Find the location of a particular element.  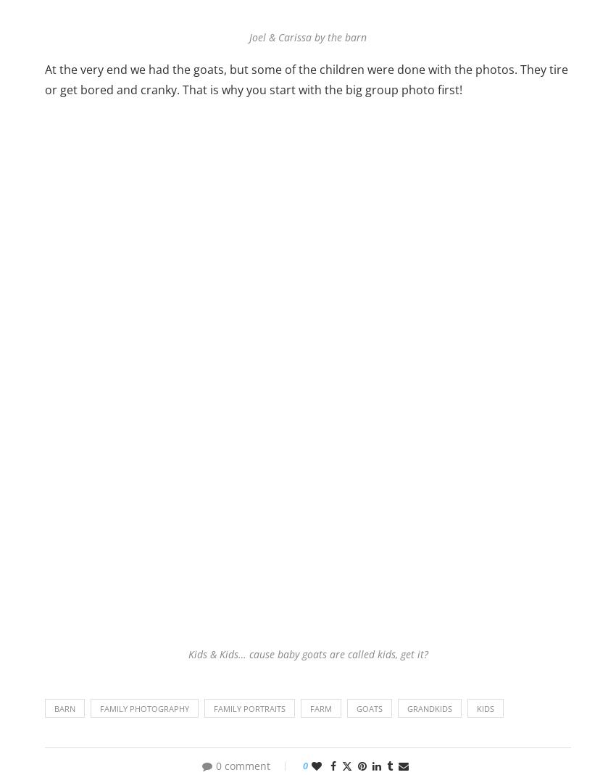

'family portraits' is located at coordinates (249, 708).